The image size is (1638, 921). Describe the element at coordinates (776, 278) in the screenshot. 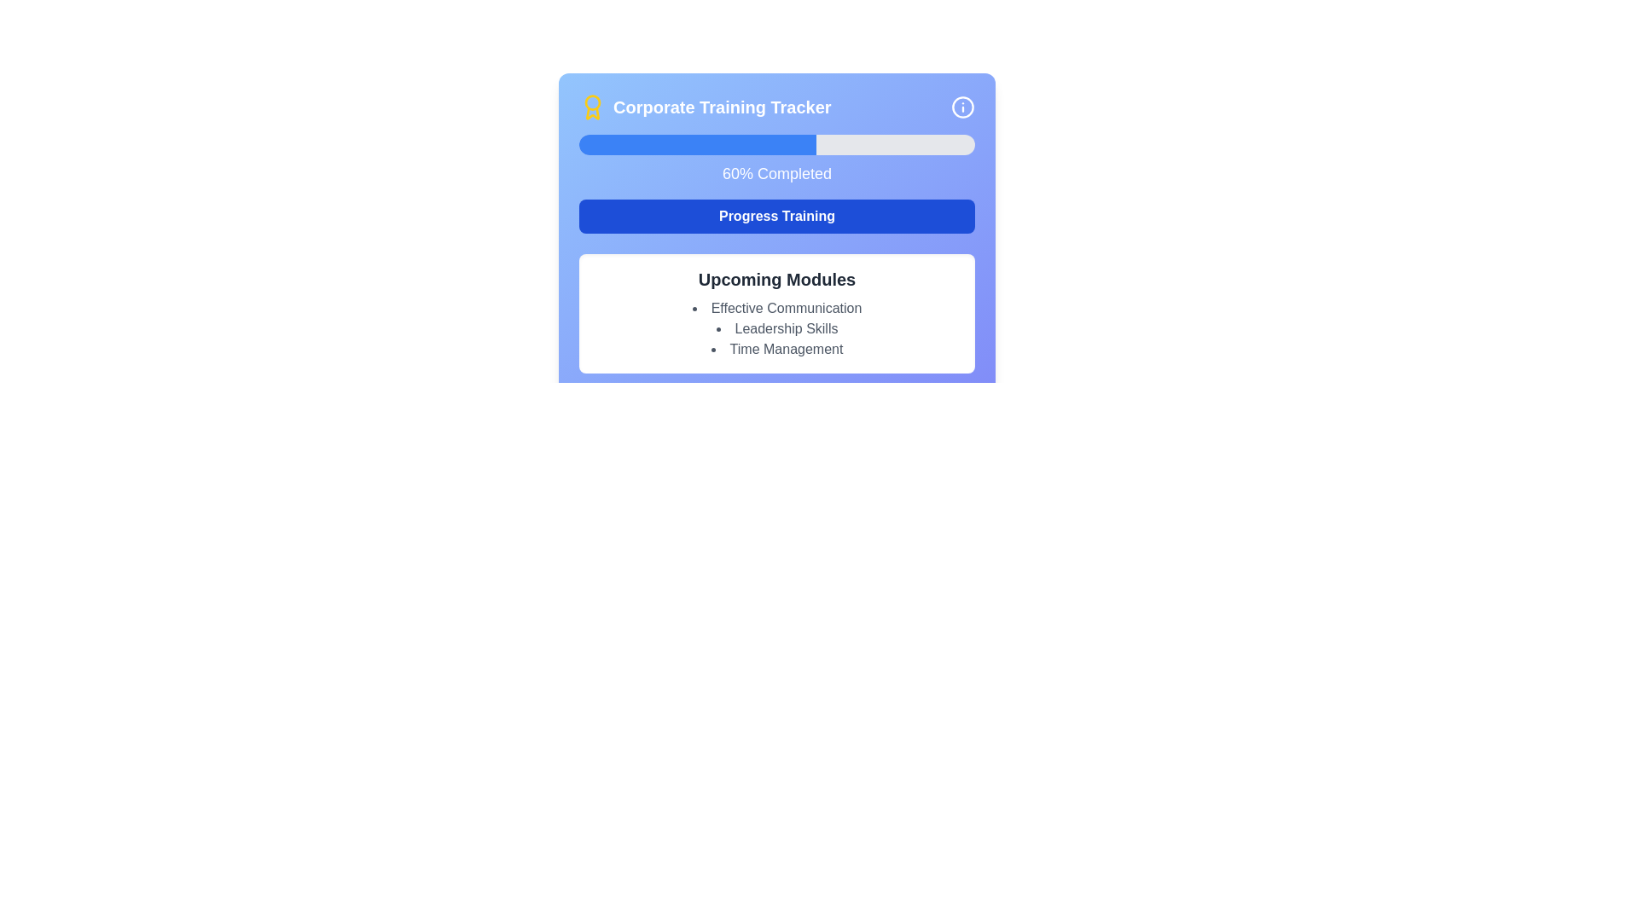

I see `the bold, large-sized text label saying 'Upcoming Modules' that is styled in dark gray and positioned as a title above a list of items` at that location.